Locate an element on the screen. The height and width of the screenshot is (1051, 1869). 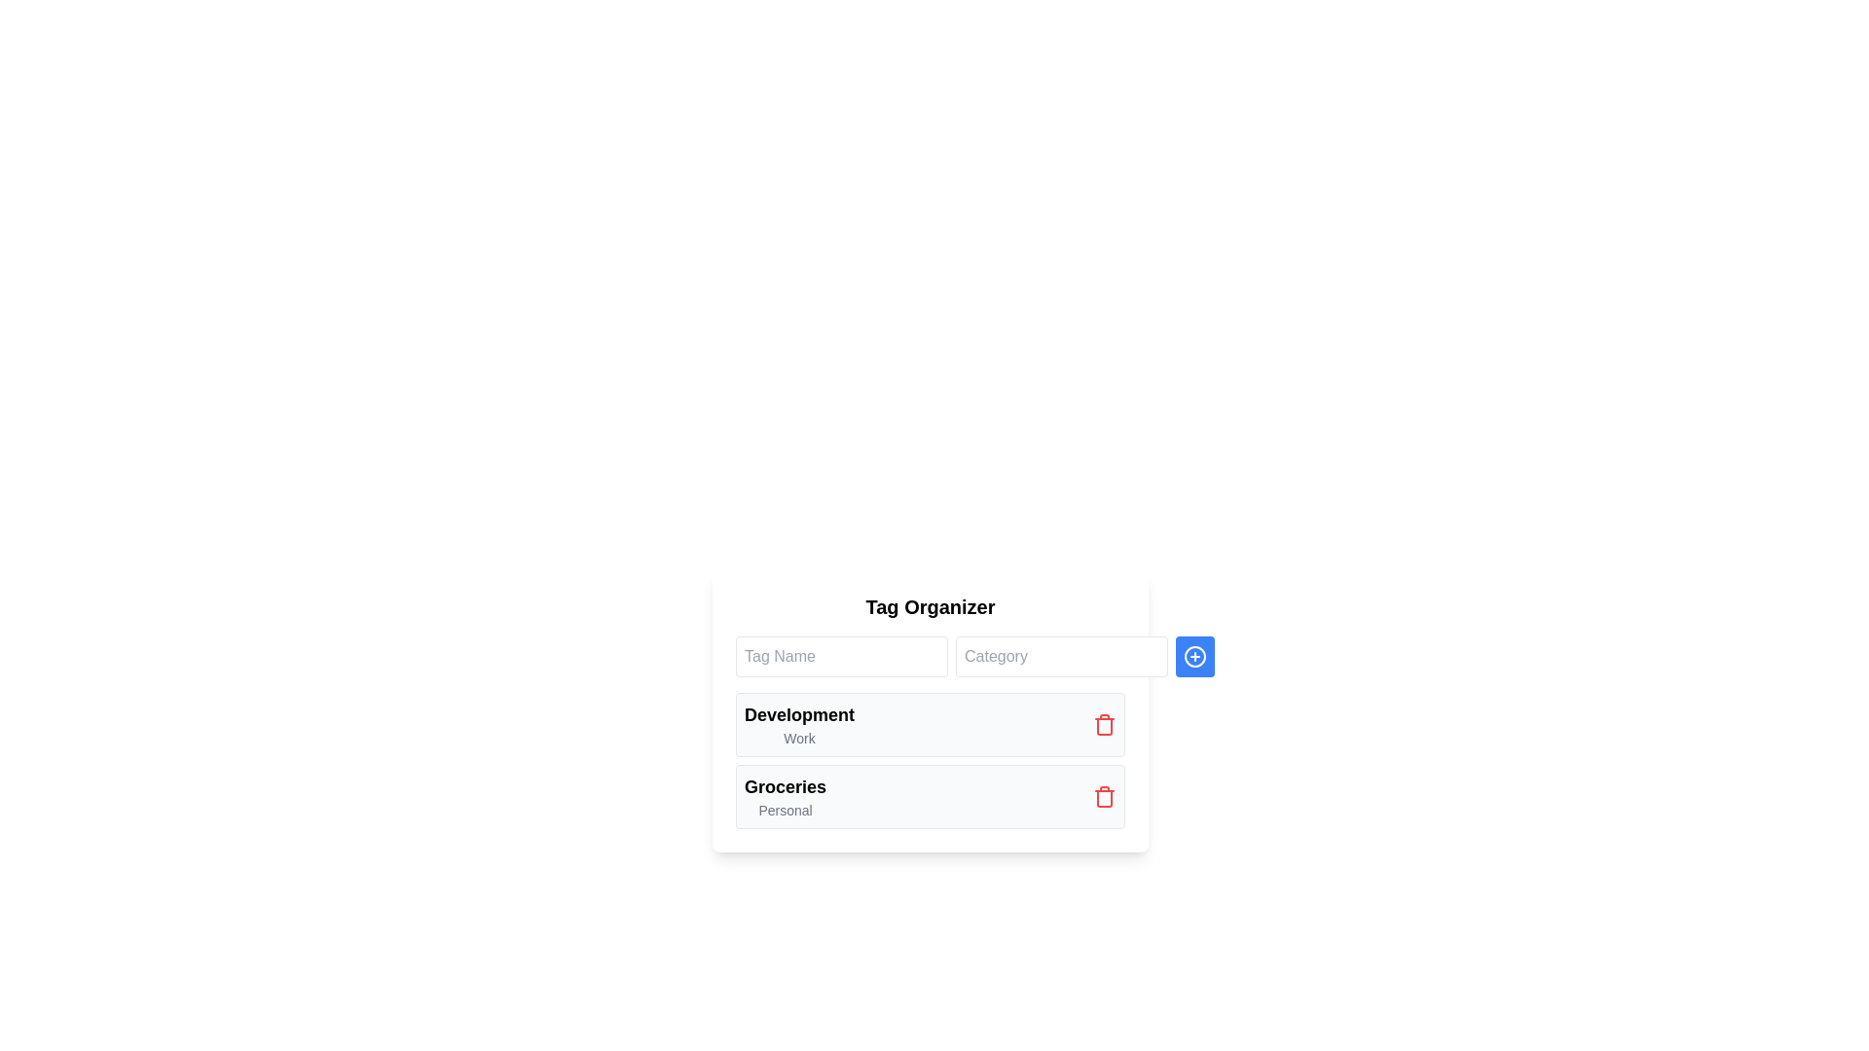
the interactive button for creating a new item, located to the right of the 'Tag Name' and 'Category' input fields is located at coordinates (1194, 657).